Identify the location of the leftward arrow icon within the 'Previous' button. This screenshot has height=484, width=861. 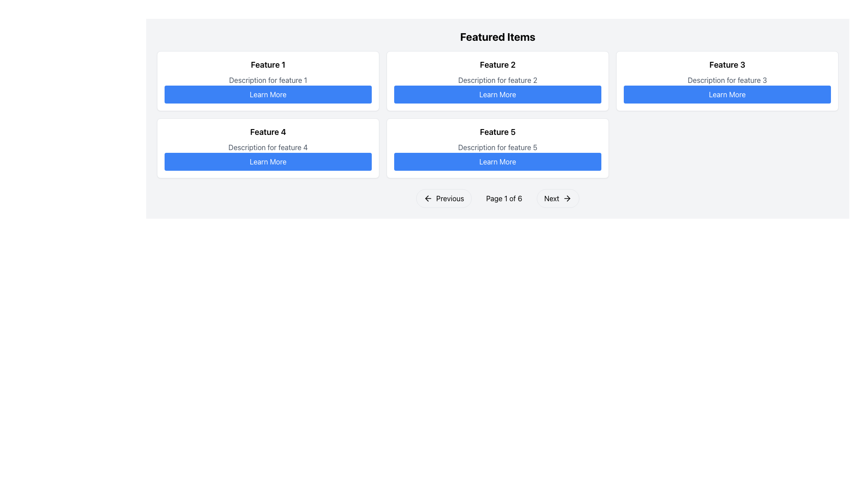
(427, 198).